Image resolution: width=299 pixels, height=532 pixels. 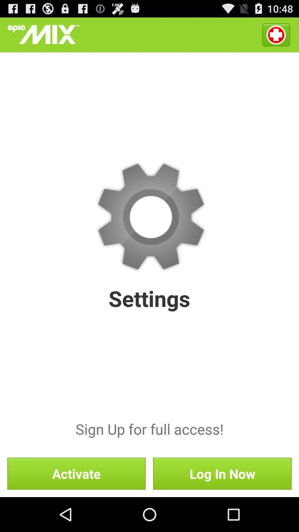 What do you see at coordinates (76, 473) in the screenshot?
I see `the button to the left of the log in now button` at bounding box center [76, 473].